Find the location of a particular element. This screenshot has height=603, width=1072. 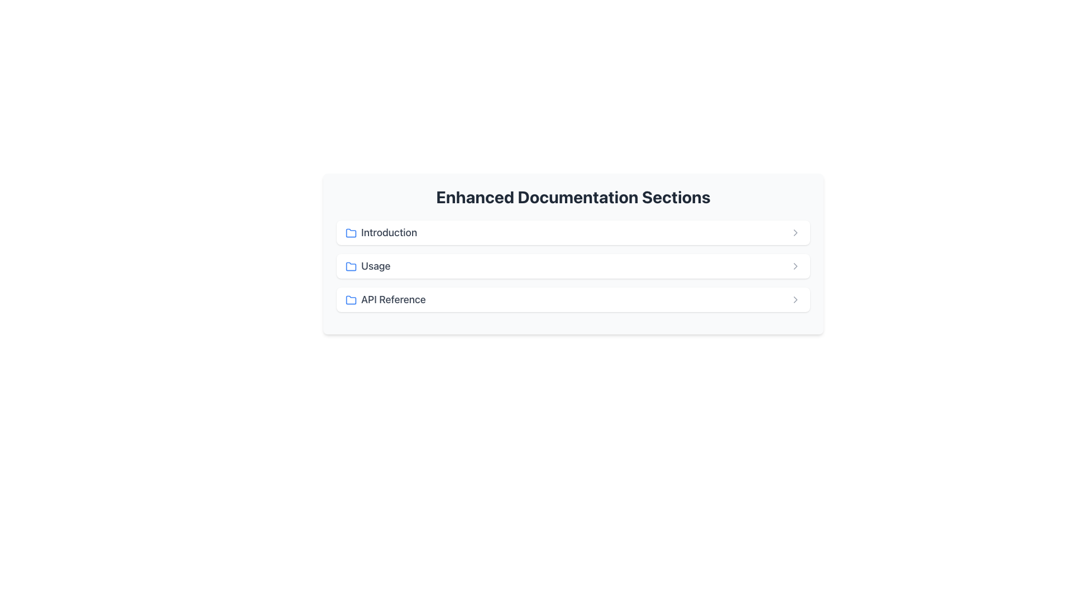

the 'Usage' button in the Enhanced Documentation Sections list is located at coordinates (573, 266).